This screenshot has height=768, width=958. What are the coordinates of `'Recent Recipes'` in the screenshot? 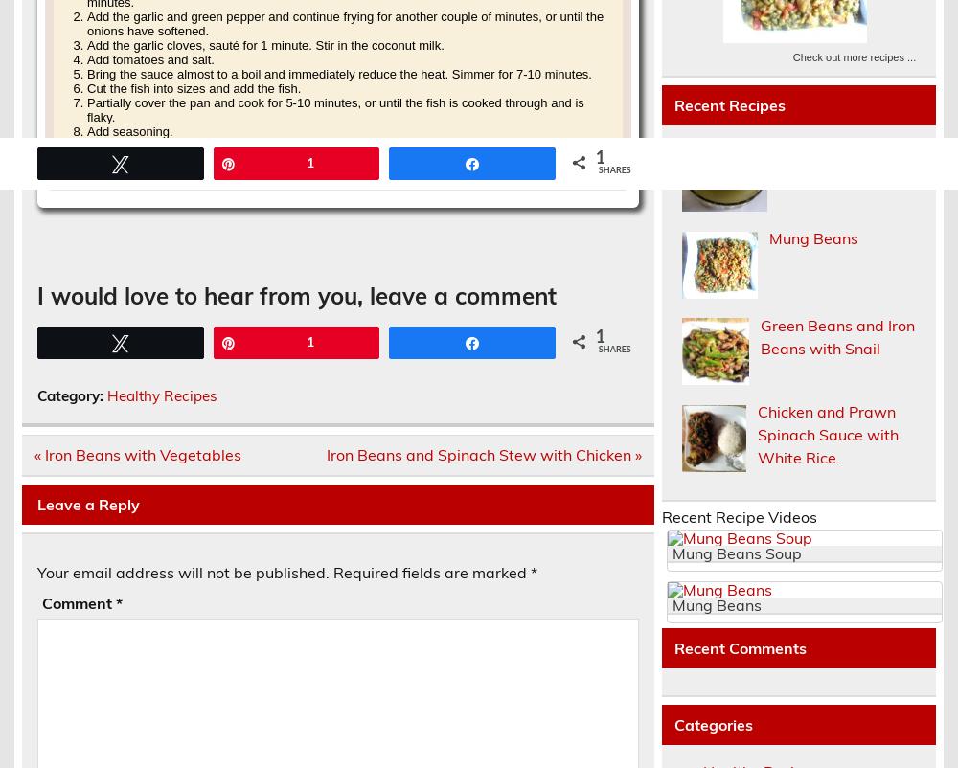 It's located at (673, 103).